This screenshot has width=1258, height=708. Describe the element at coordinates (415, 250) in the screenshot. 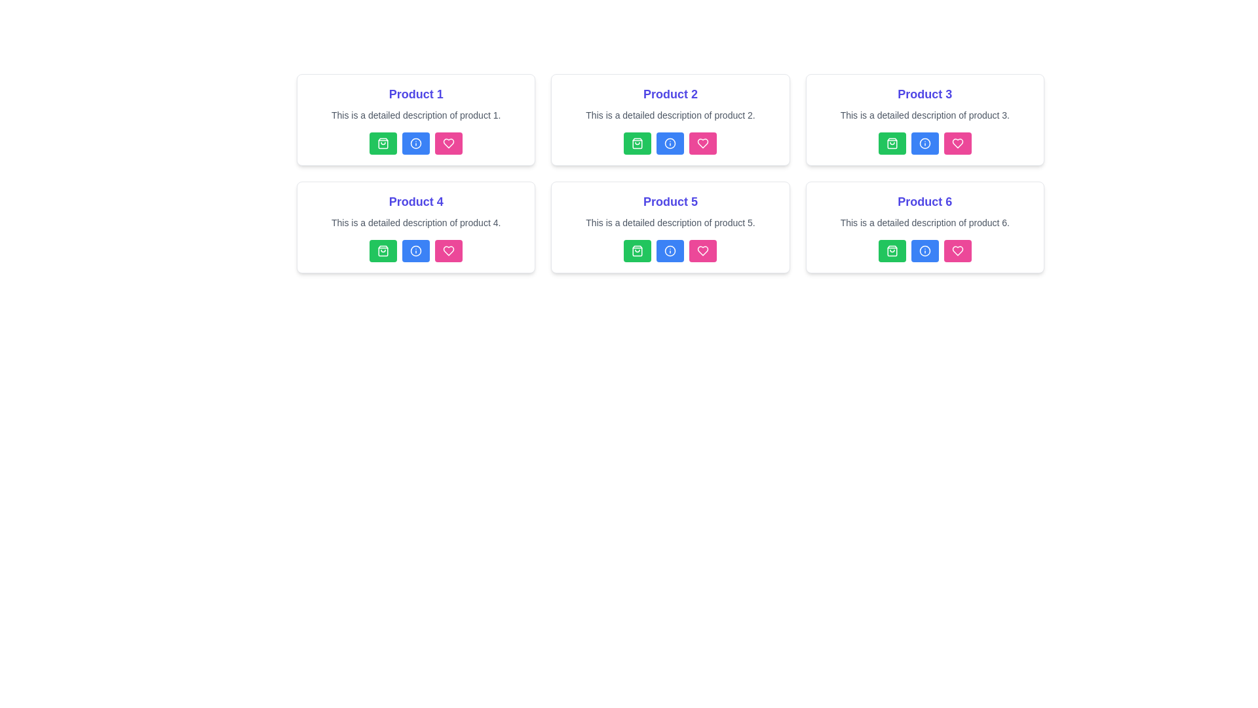

I see `the information trigger button located as the second button in a horizontal group below 'Product 4'` at that location.